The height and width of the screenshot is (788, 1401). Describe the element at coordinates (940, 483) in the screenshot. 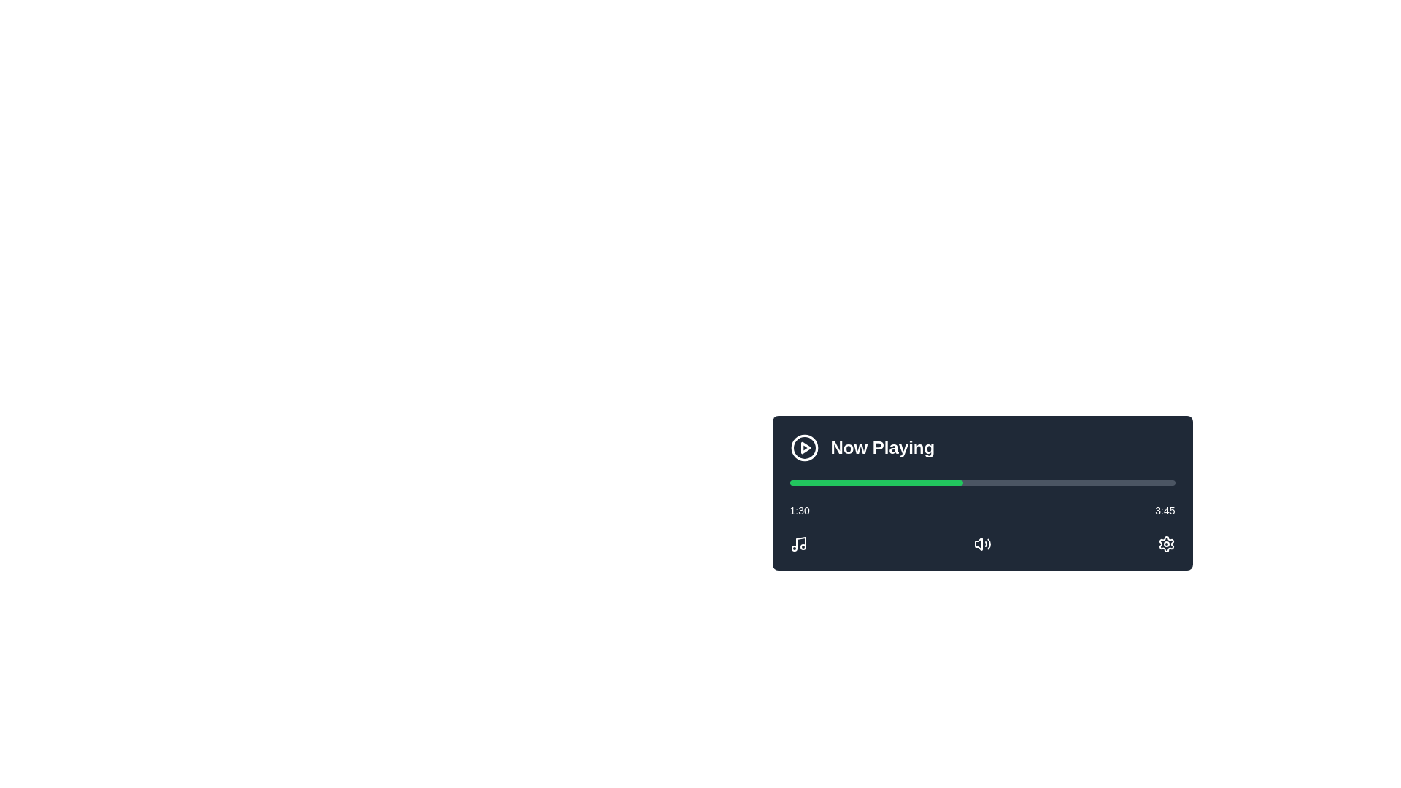

I see `playback position` at that location.